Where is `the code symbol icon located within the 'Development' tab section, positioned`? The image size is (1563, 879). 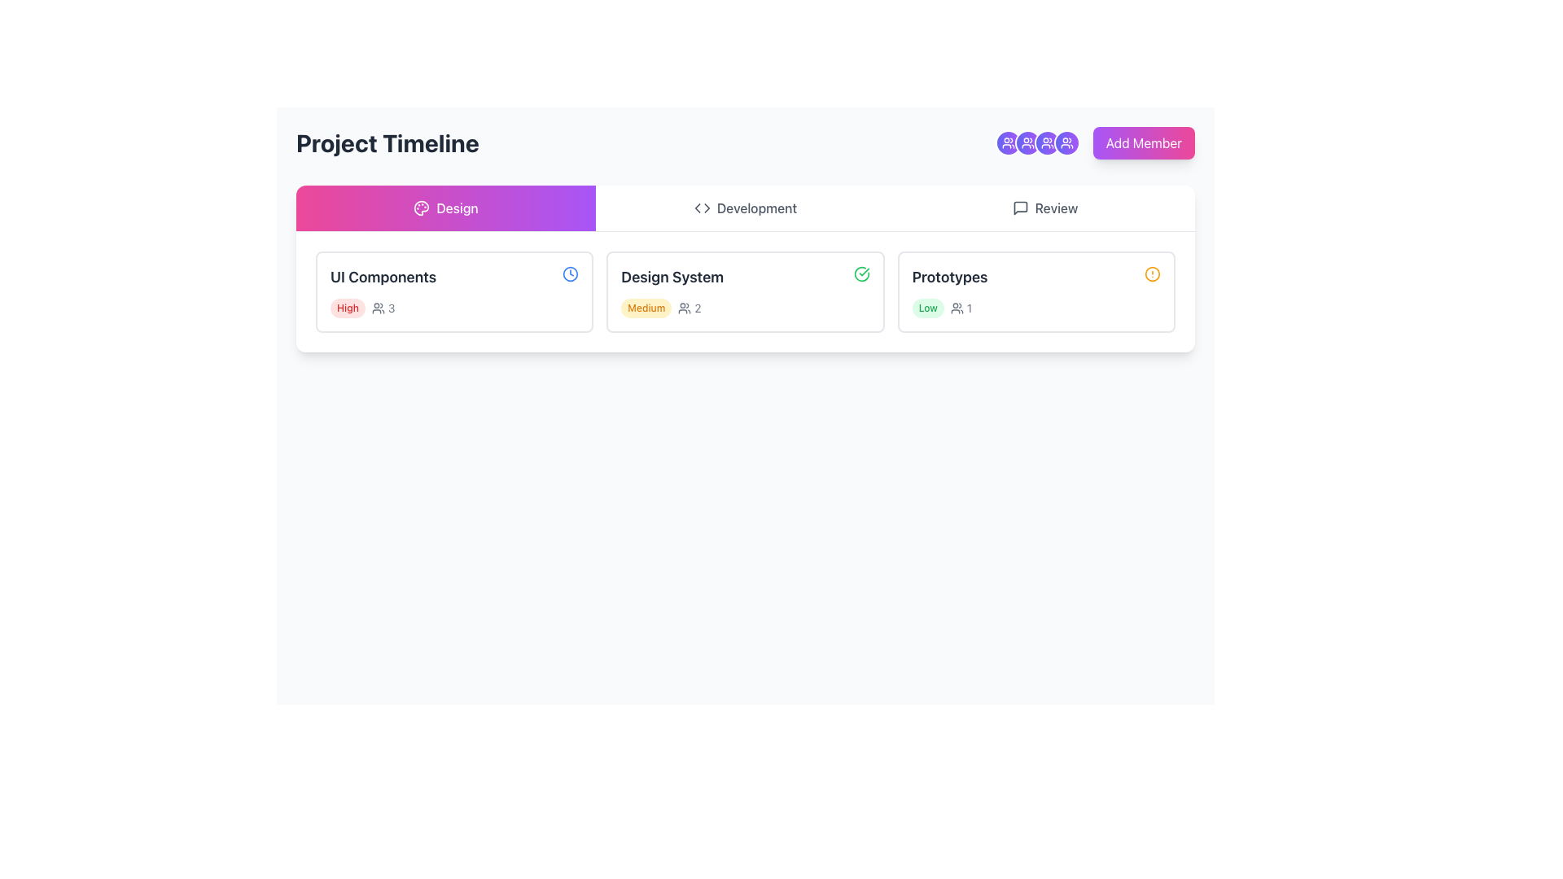
the code symbol icon located within the 'Development' tab section, positioned is located at coordinates (702, 207).